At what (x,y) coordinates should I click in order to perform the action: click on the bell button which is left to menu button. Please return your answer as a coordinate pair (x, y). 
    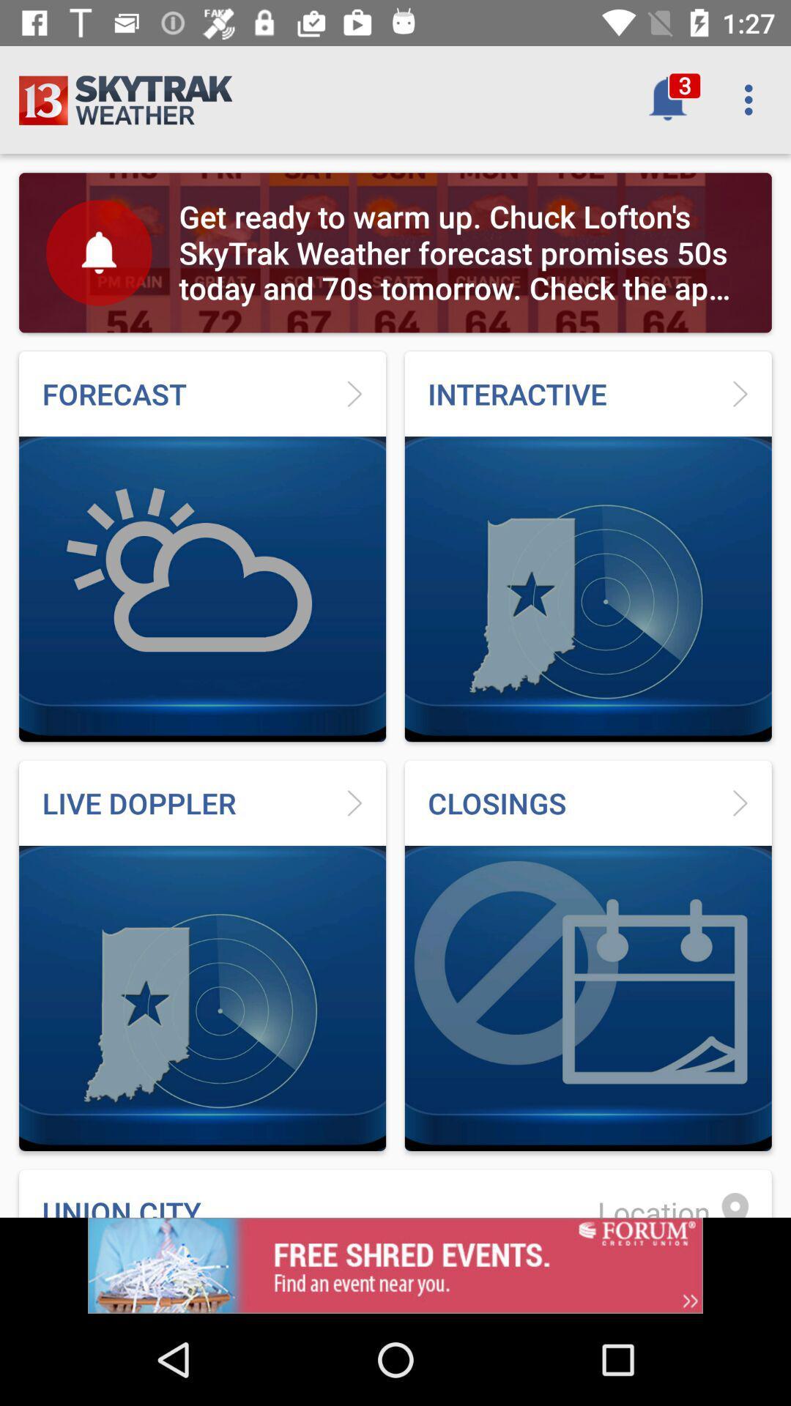
    Looking at the image, I should click on (667, 100).